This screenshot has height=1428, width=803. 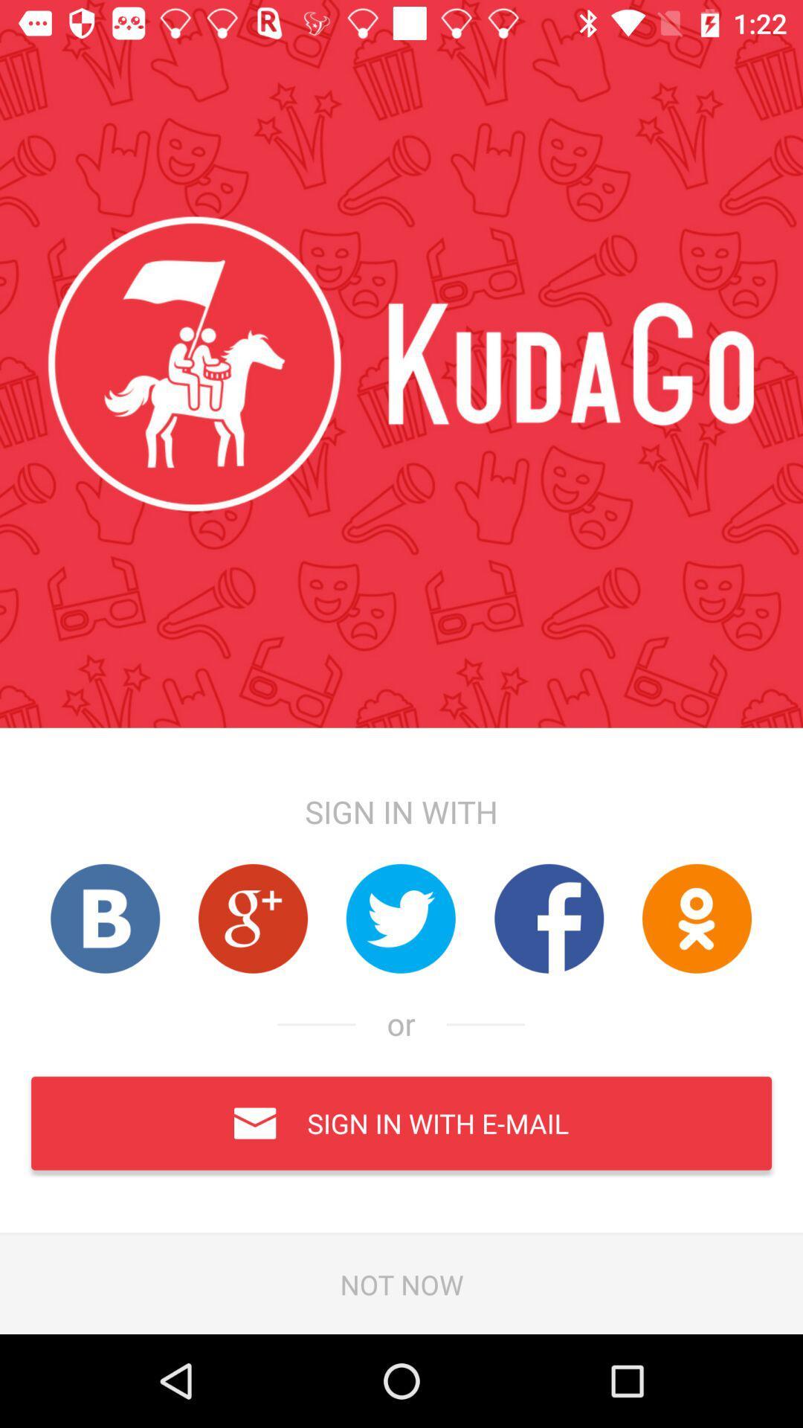 I want to click on sign in with twitter, so click(x=400, y=918).